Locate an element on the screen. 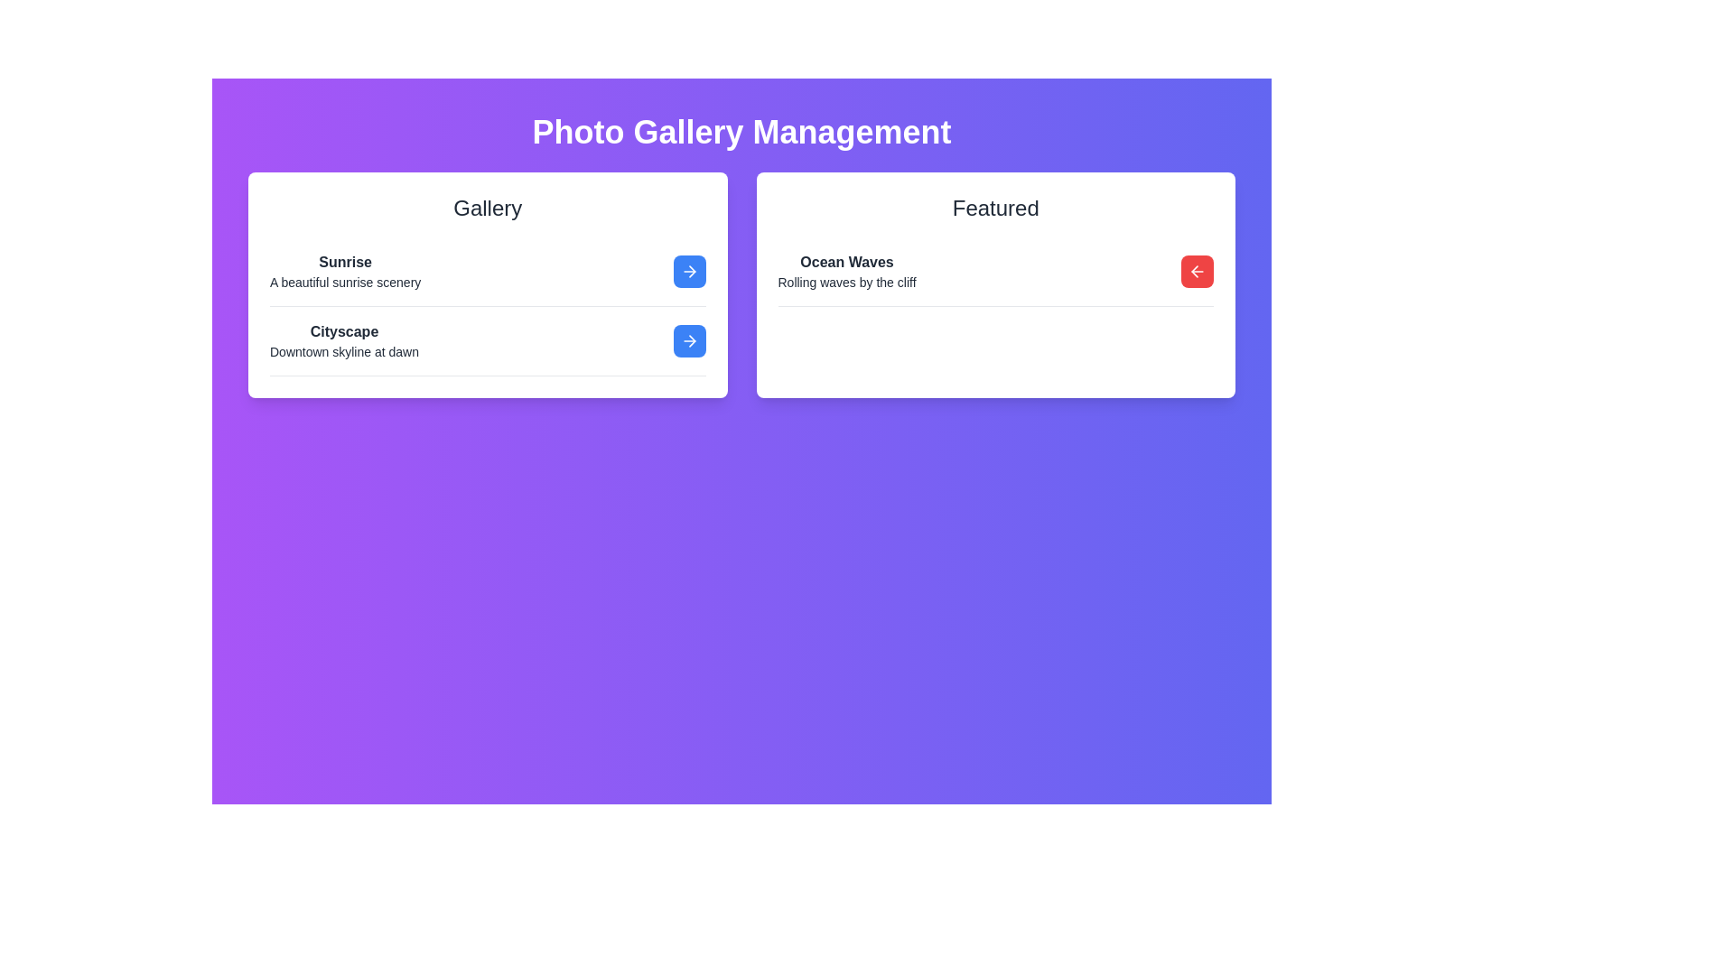 This screenshot has width=1734, height=975. the static text element titled 'Sunrise' in the left panel of the interface to identify the specific gallery item is located at coordinates (345, 262).